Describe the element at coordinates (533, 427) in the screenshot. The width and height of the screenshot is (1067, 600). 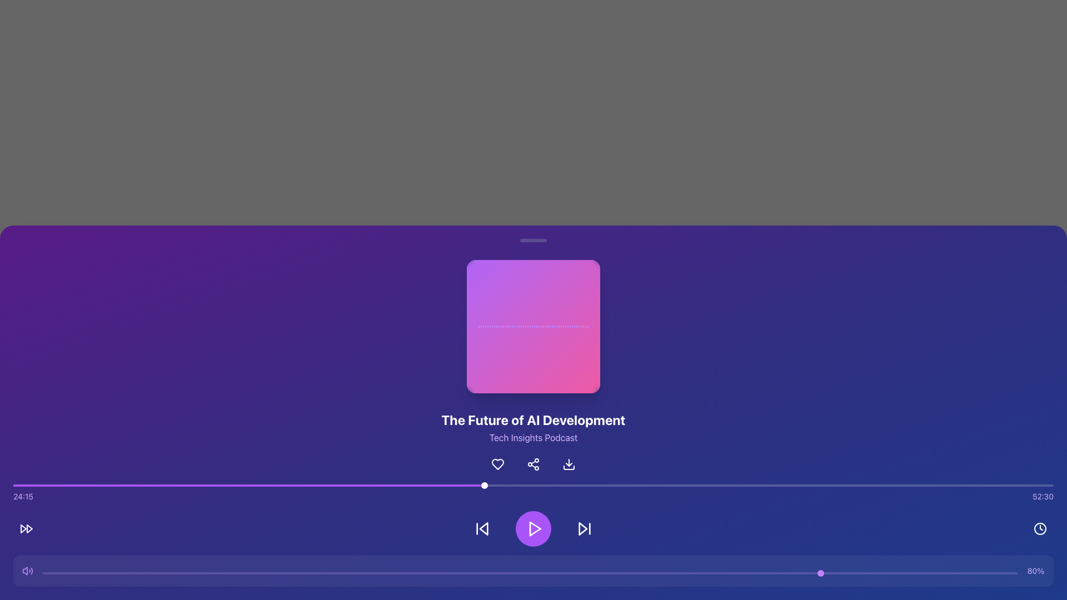
I see `the text element displaying 'The Future of AI Development' and 'Tech Insights Podcast', which is located below the square image and above the interactive control icons` at that location.